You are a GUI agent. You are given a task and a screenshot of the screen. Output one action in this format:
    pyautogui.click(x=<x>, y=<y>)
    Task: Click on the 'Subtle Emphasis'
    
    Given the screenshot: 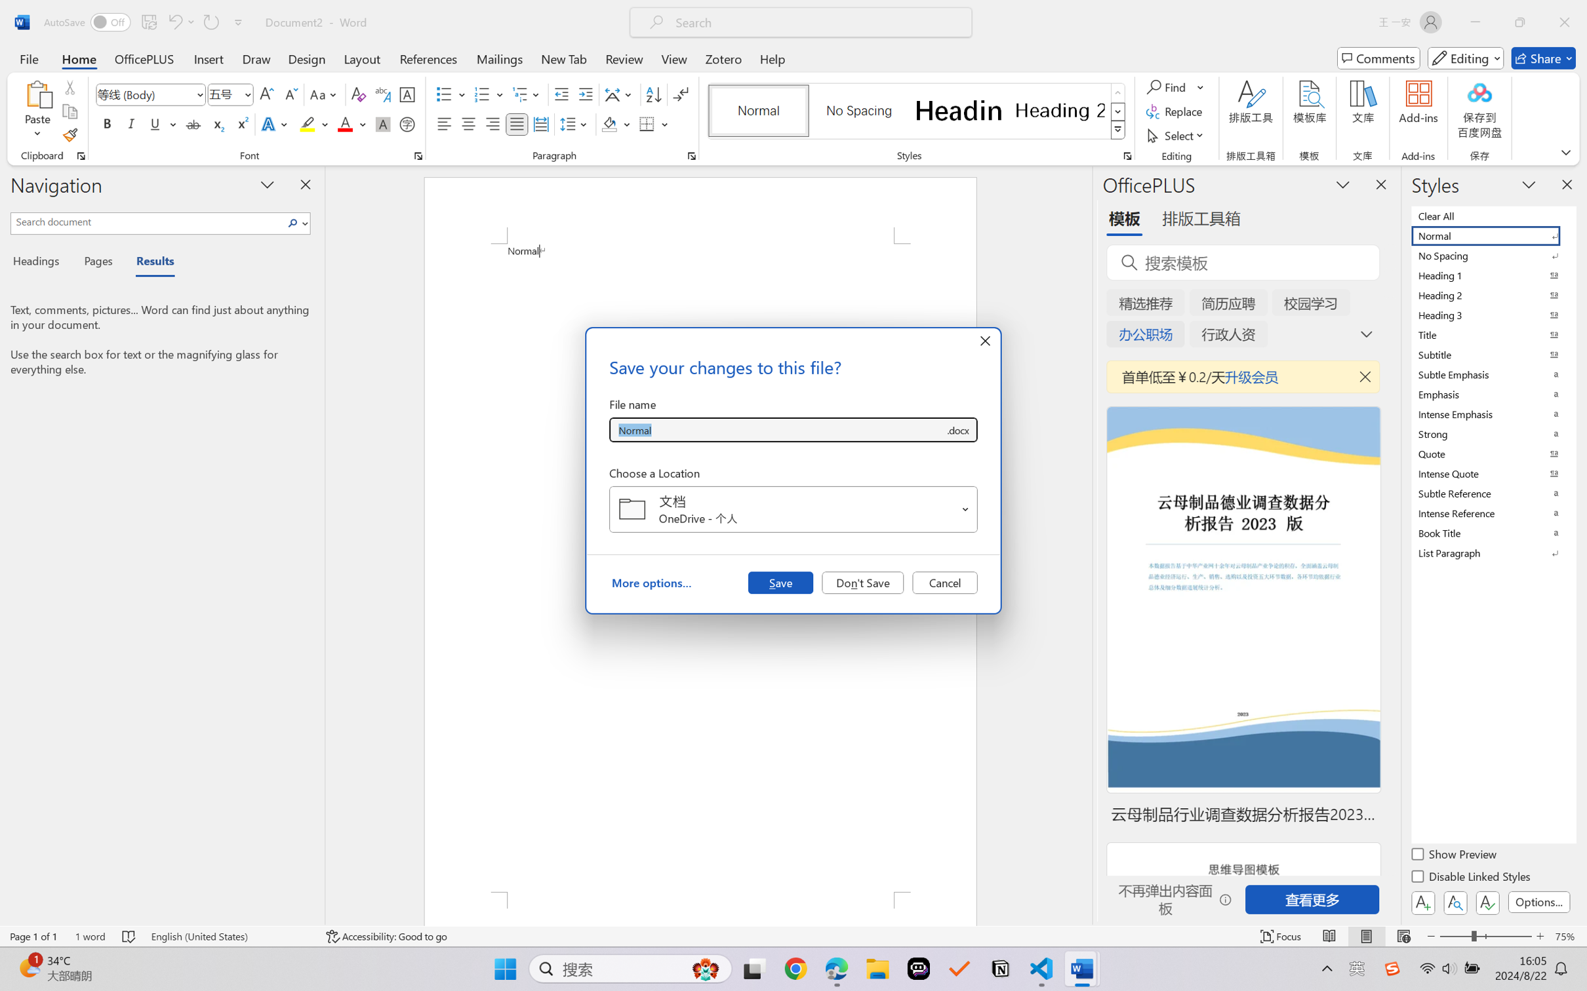 What is the action you would take?
    pyautogui.click(x=1492, y=374)
    